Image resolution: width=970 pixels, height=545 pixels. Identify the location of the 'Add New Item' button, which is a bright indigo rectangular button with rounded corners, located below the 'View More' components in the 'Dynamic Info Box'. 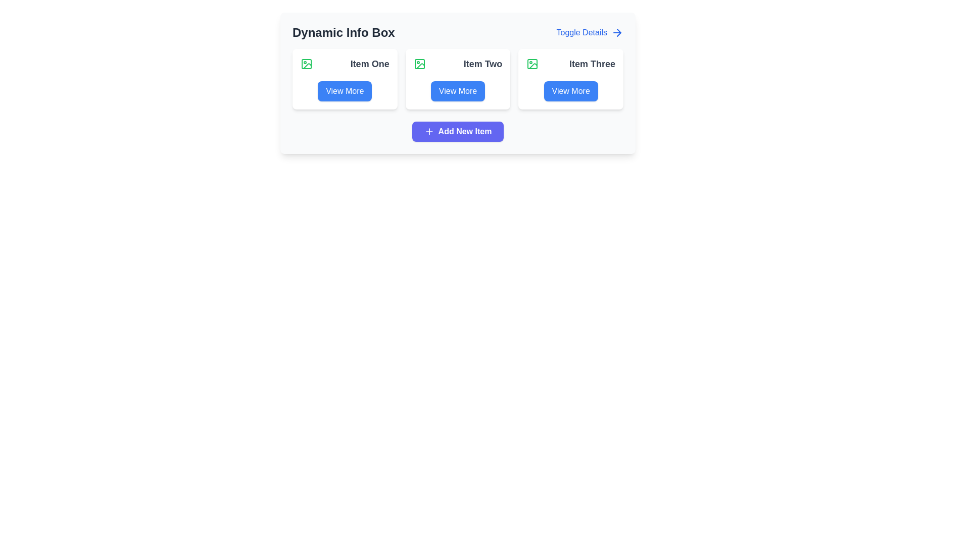
(457, 131).